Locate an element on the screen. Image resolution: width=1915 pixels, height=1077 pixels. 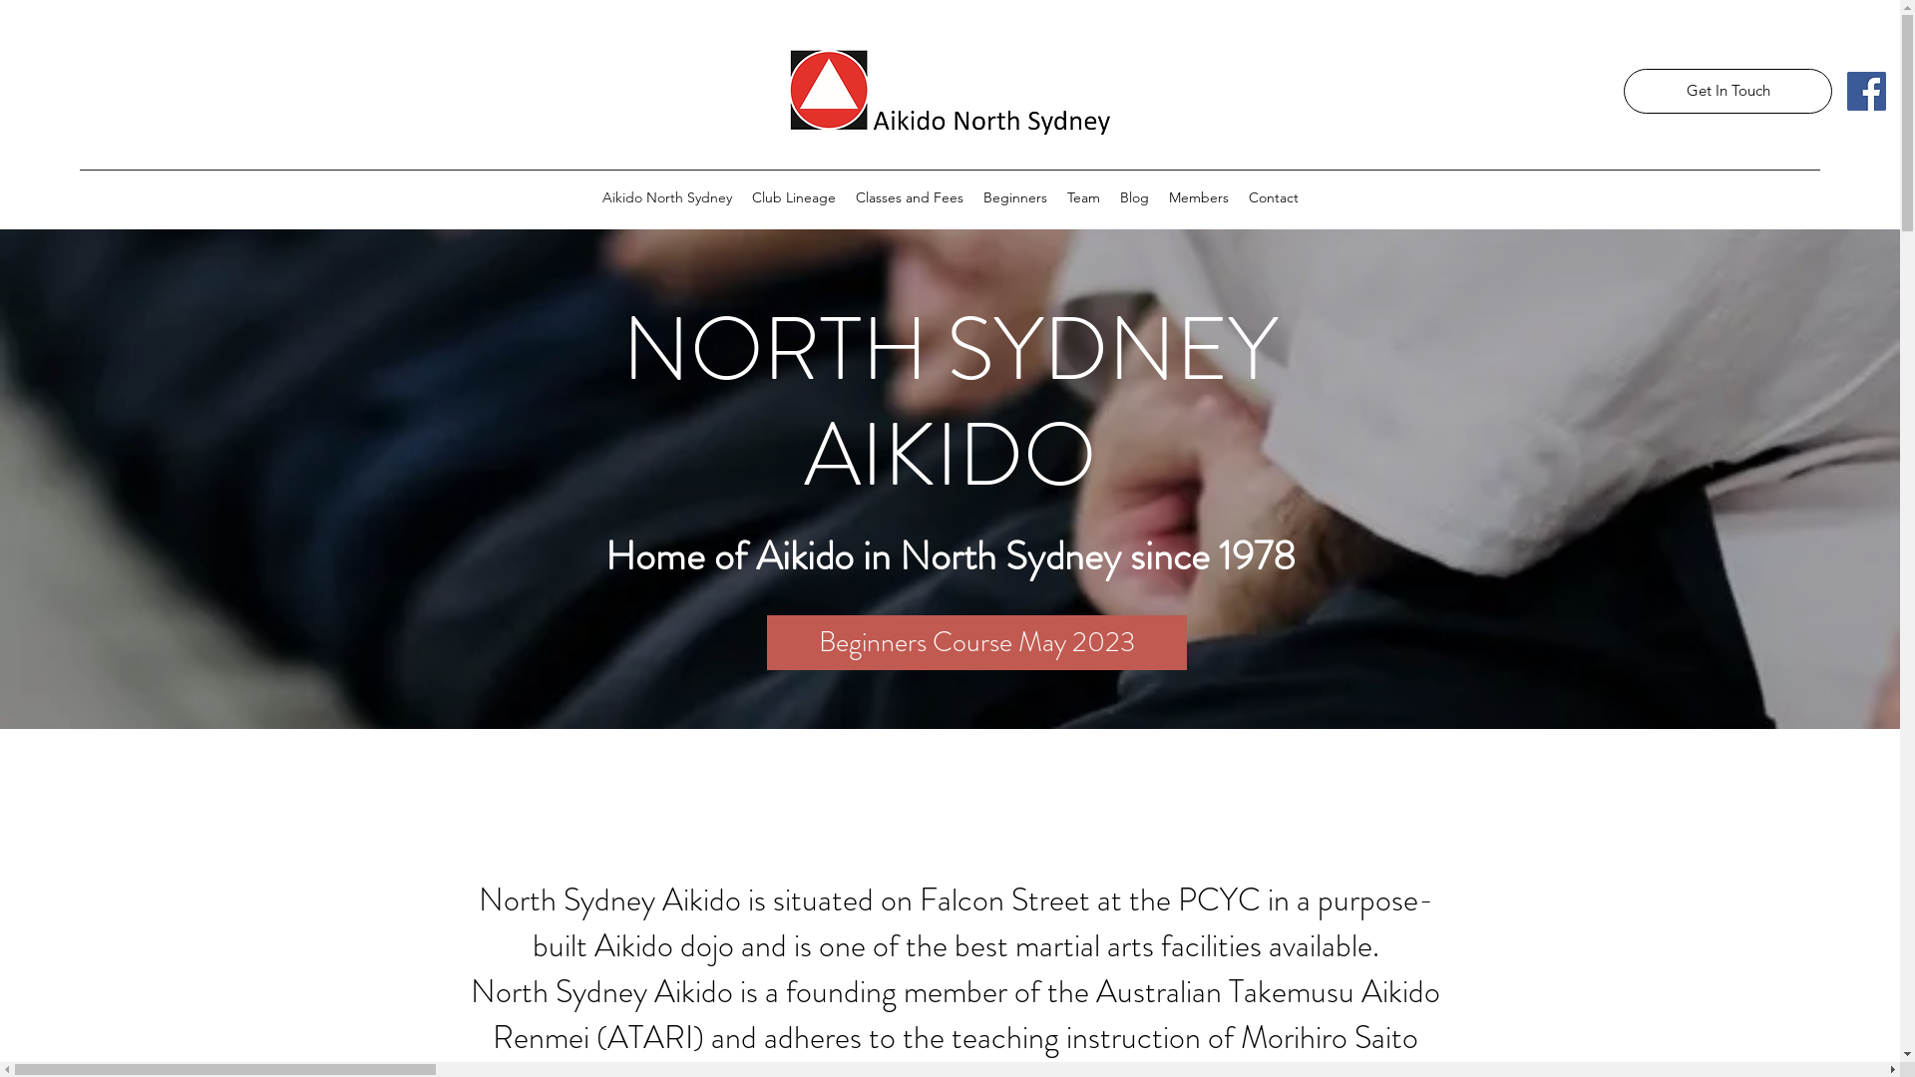
'Classes and Fees' is located at coordinates (909, 197).